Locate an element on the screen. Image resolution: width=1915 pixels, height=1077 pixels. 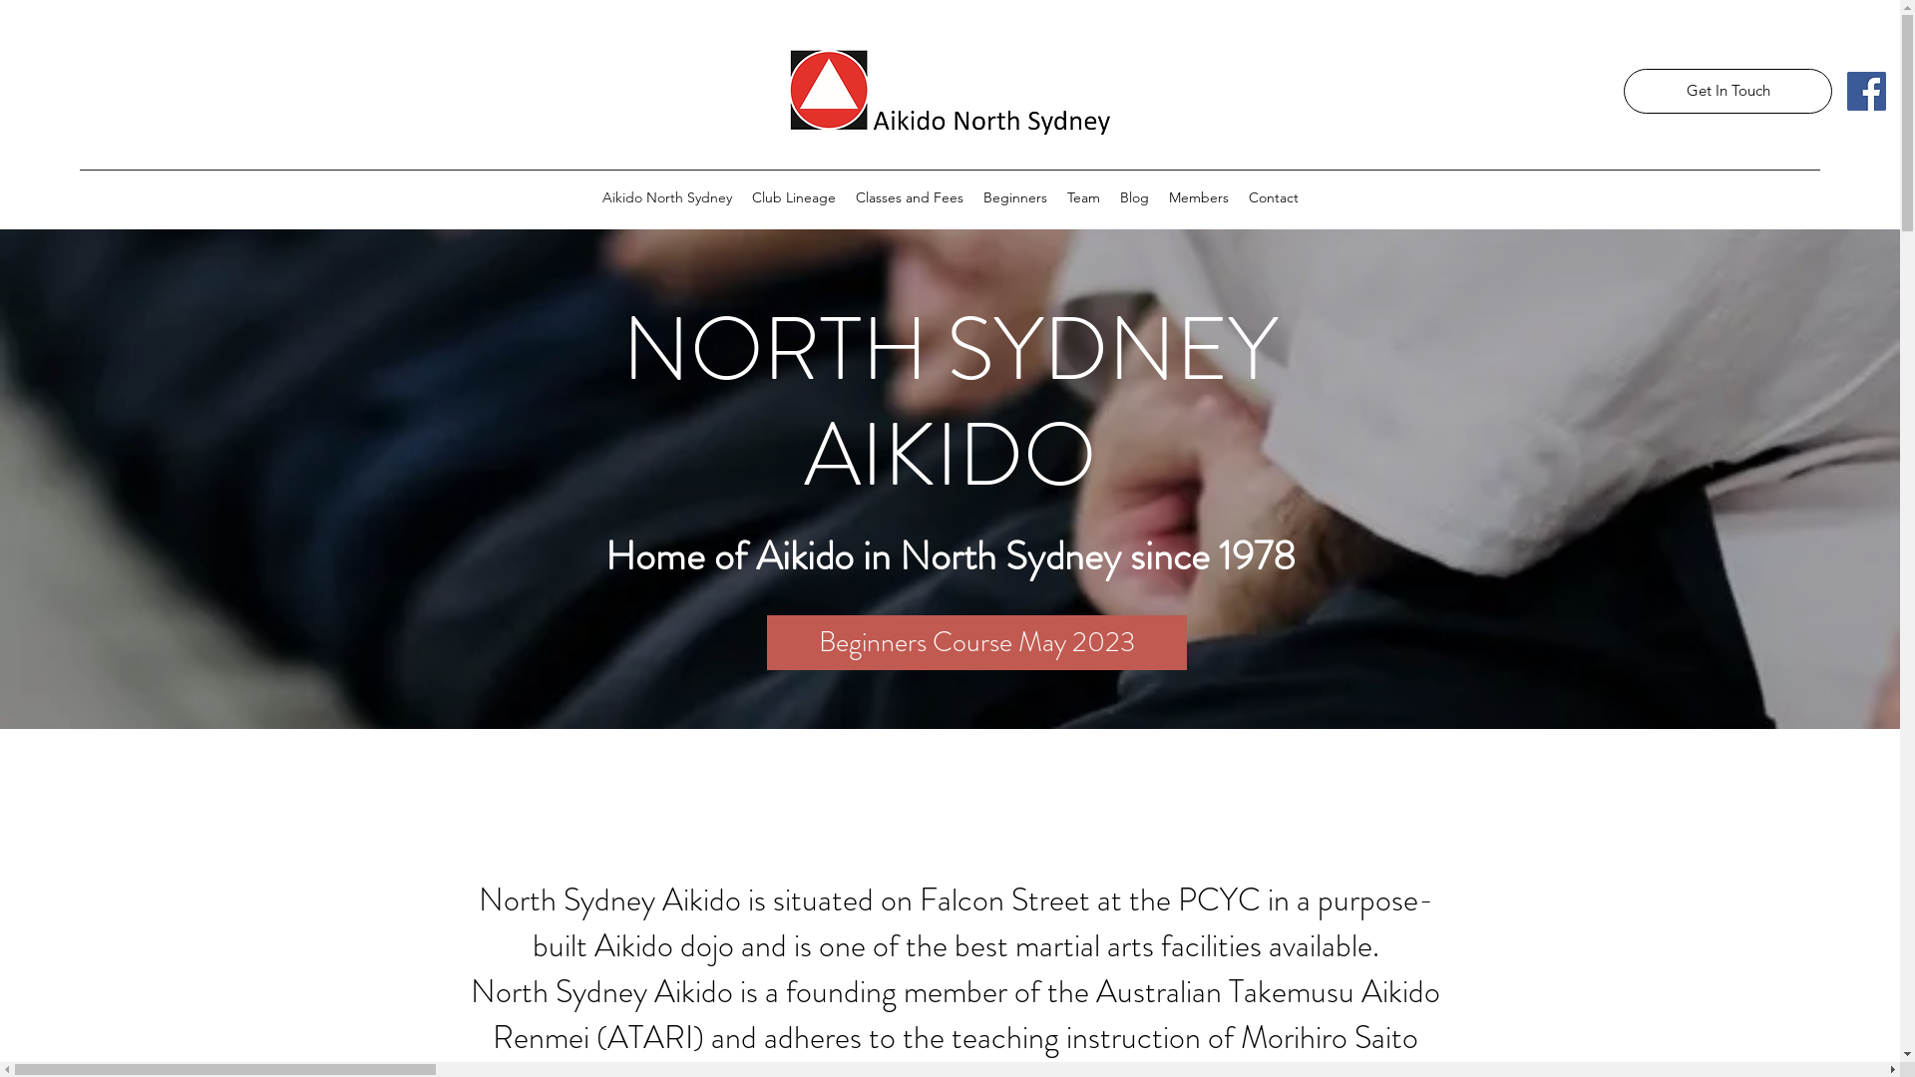
'Classes and Fees' is located at coordinates (909, 197).